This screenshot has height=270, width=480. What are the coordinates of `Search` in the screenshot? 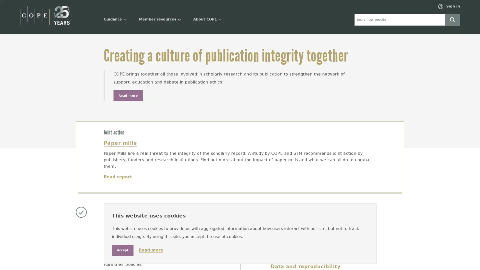 It's located at (452, 19).